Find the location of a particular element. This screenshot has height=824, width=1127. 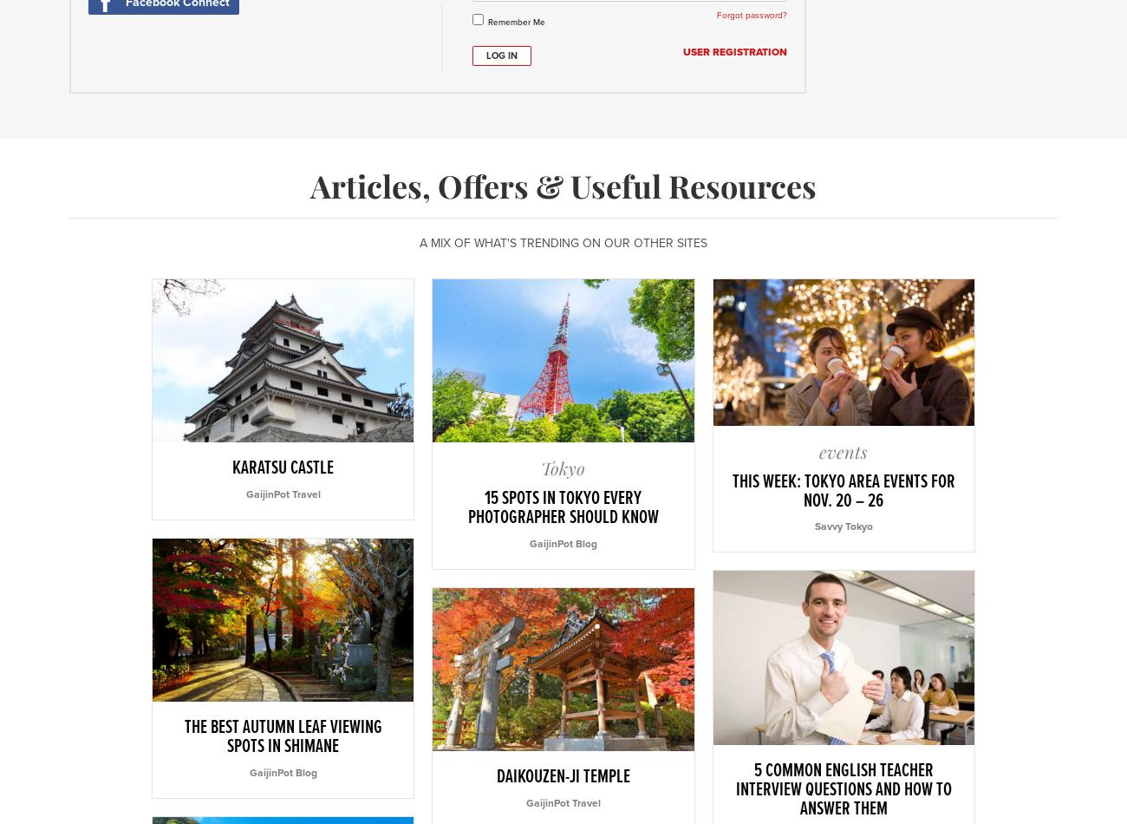

'A mix of what's trending on our other sites' is located at coordinates (563, 241).